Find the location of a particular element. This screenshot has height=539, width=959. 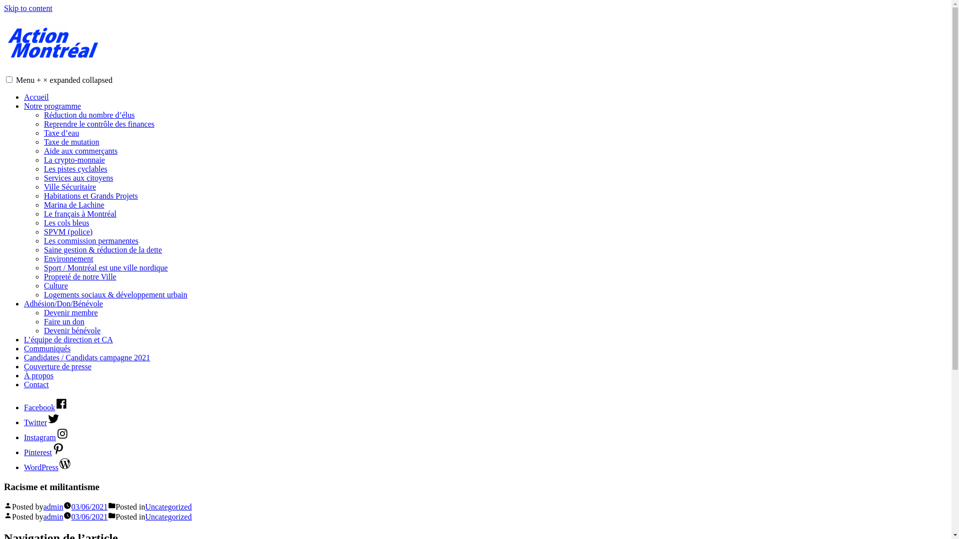

'Services aux citoyens' is located at coordinates (43, 177).